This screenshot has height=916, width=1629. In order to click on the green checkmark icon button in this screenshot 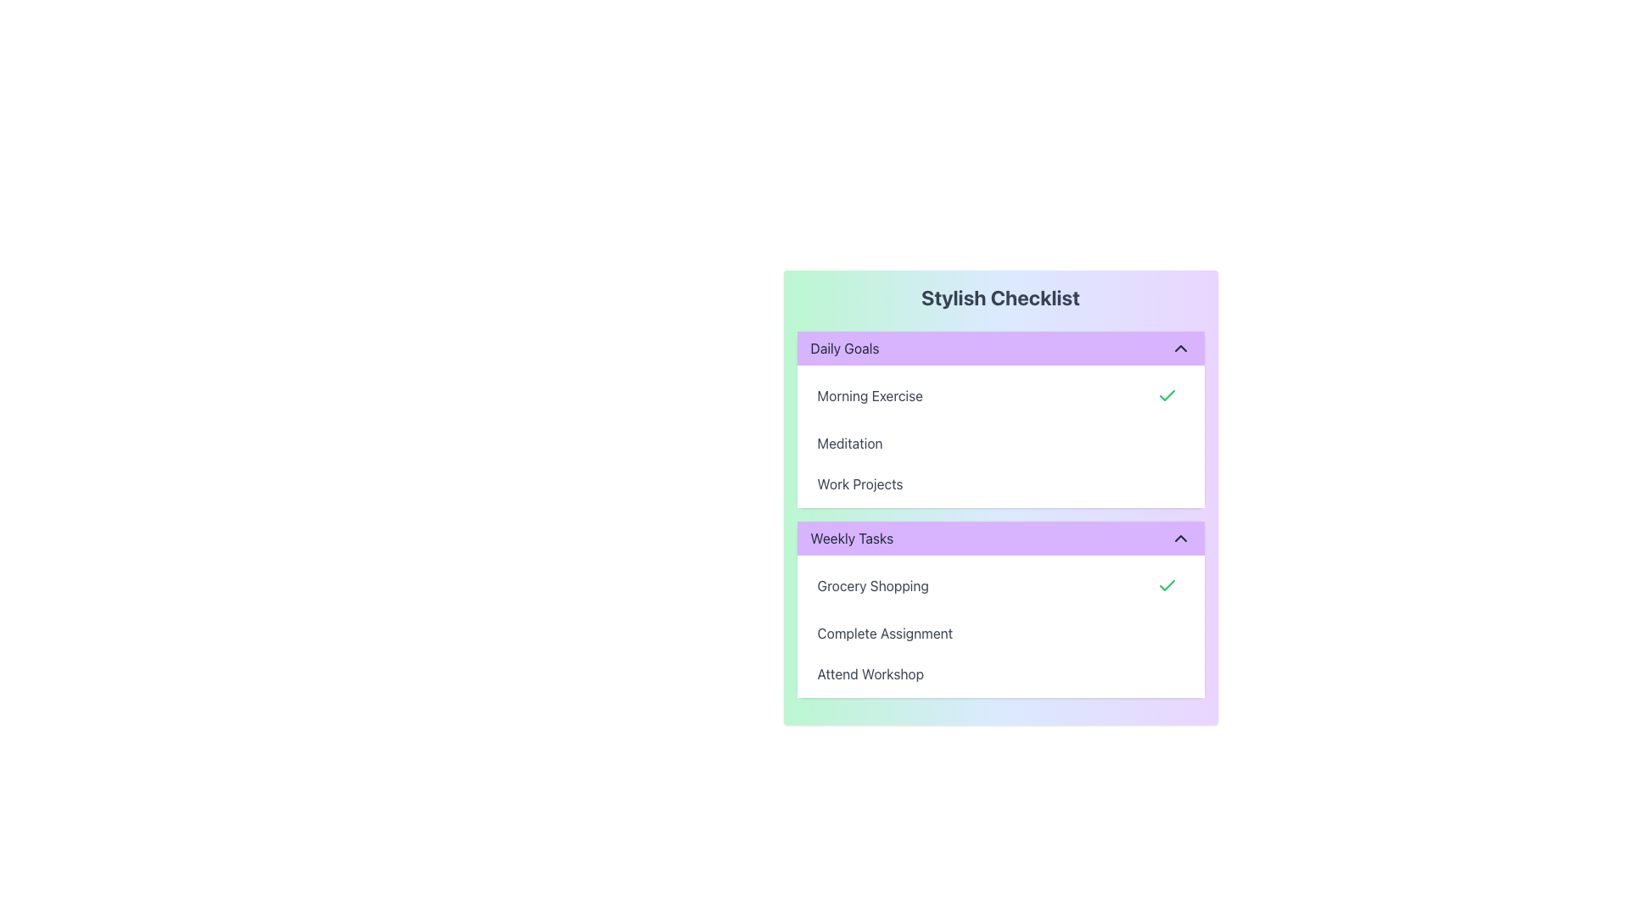, I will do `click(1166, 584)`.